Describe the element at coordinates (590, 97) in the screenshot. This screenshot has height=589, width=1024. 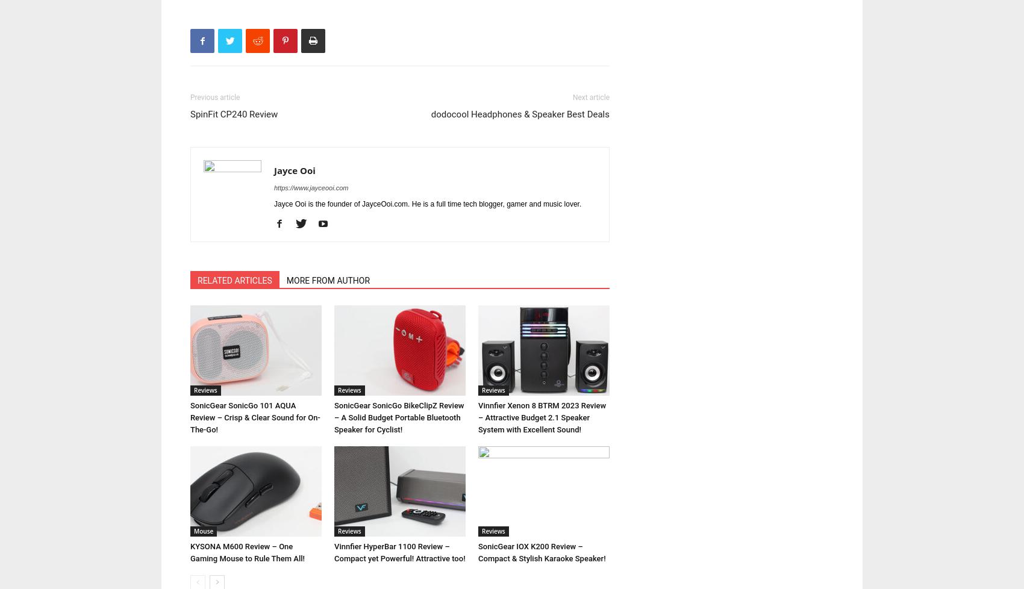
I see `'Next article'` at that location.